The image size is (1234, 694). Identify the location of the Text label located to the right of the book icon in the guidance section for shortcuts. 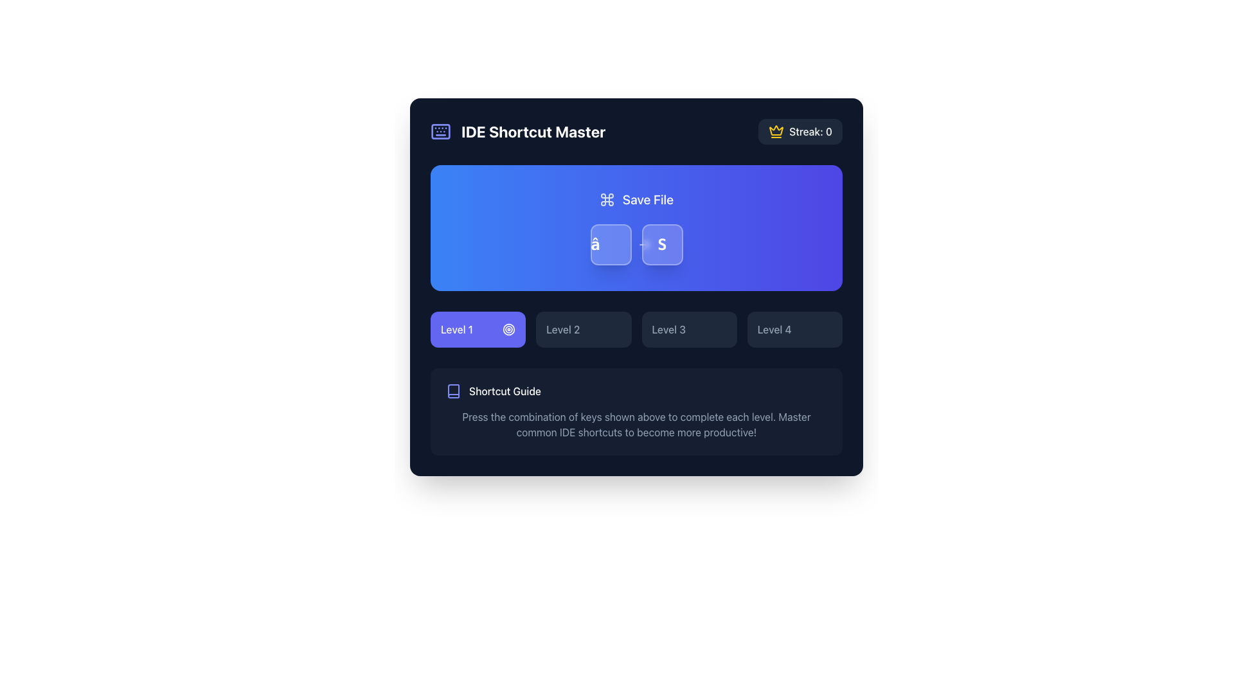
(505, 391).